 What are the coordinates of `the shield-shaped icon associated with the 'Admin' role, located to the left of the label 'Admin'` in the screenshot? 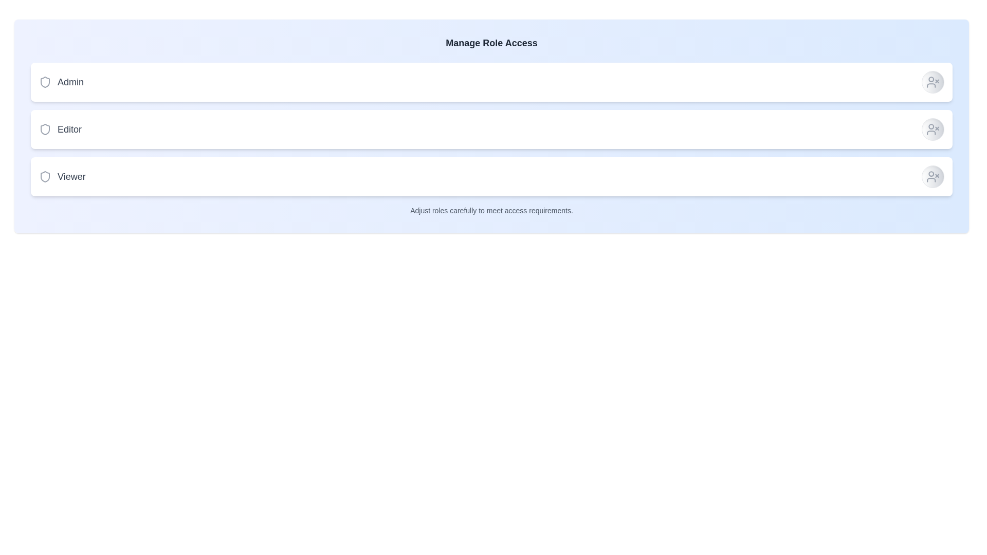 It's located at (44, 81).